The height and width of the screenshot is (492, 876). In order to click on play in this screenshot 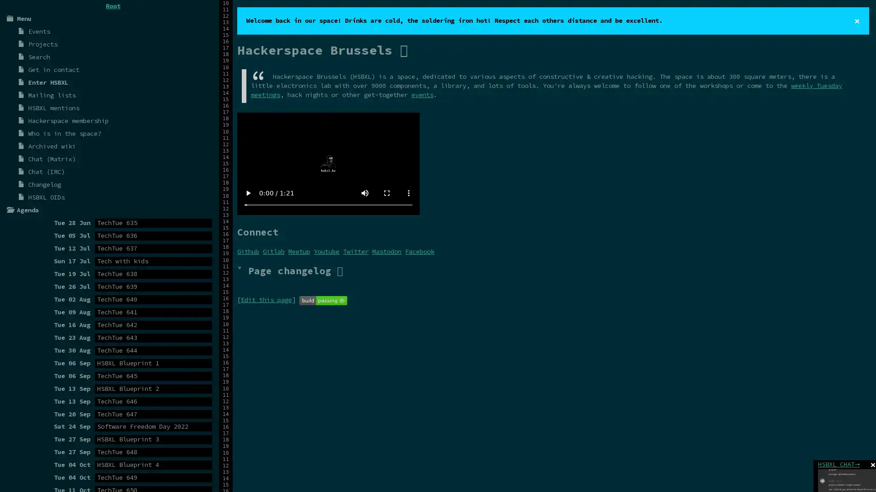, I will do `click(248, 192)`.